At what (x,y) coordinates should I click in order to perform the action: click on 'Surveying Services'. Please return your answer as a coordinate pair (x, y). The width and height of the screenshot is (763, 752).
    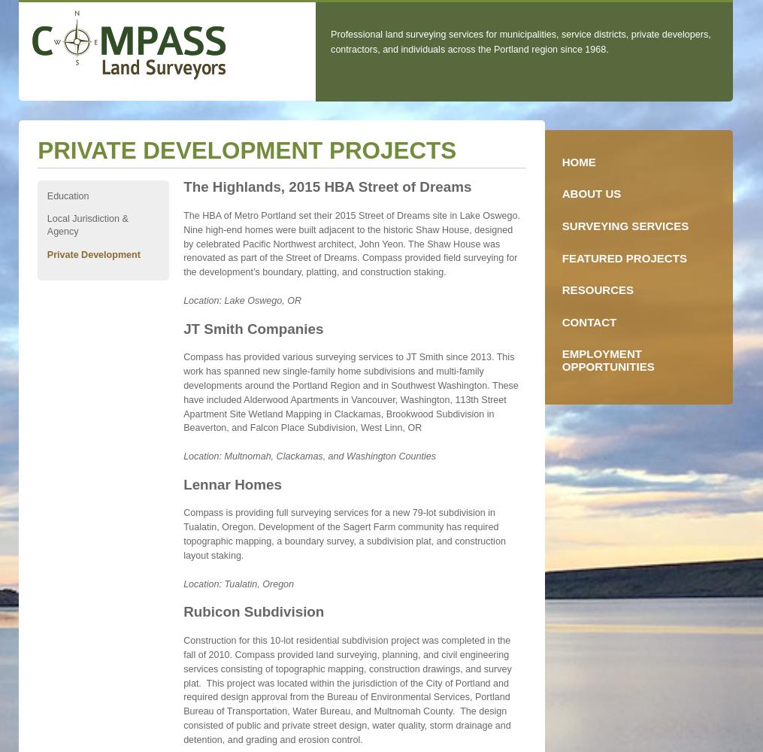
    Looking at the image, I should click on (625, 226).